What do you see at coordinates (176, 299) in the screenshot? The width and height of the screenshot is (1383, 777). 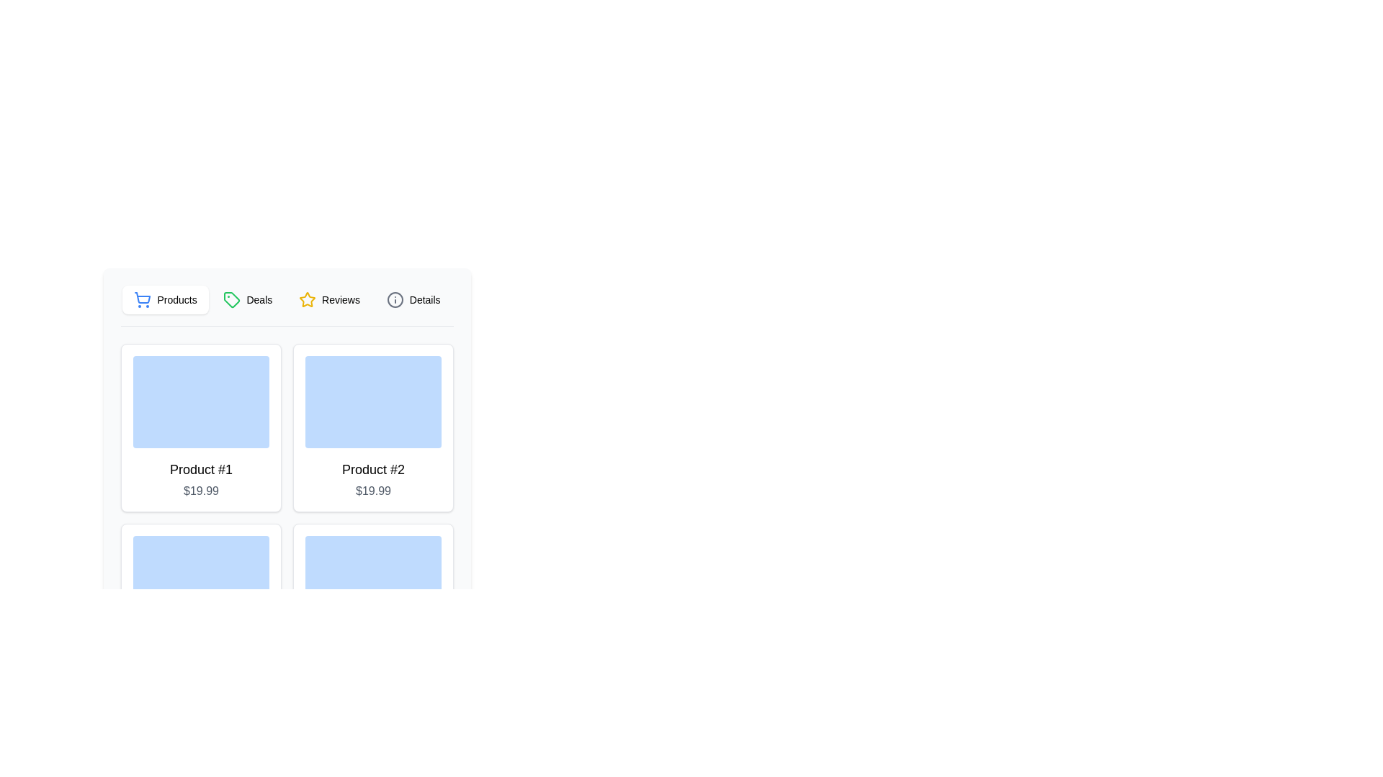 I see `text label inside the button located in the top-left corner of the menu bar, adjacent to the cart icon, which may lead to product-related content` at bounding box center [176, 299].